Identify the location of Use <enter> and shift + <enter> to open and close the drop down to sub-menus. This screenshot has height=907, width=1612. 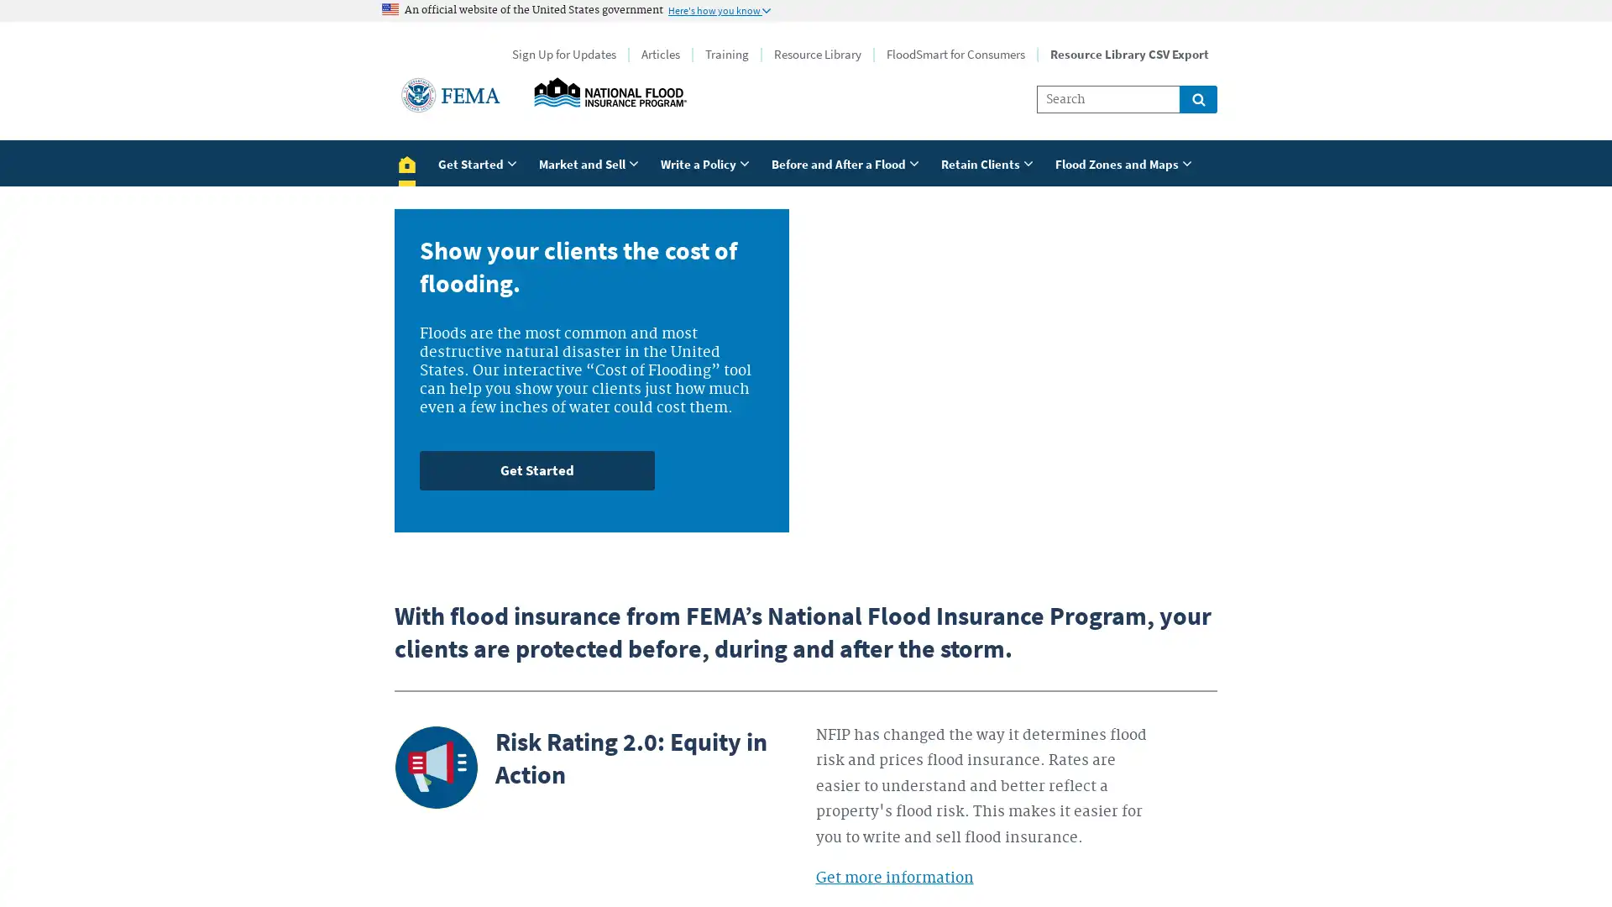
(591, 162).